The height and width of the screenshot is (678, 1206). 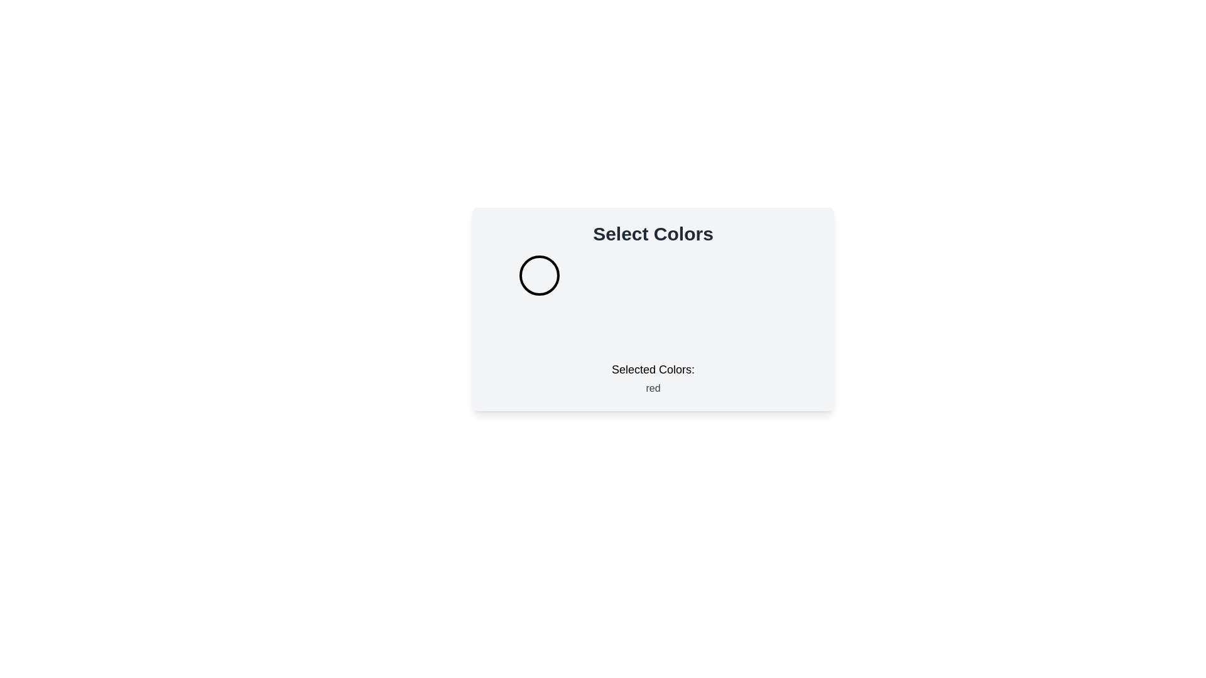 What do you see at coordinates (653, 377) in the screenshot?
I see `information presented in the text display element that shows 'Selected Colors:' and the color 'red'` at bounding box center [653, 377].